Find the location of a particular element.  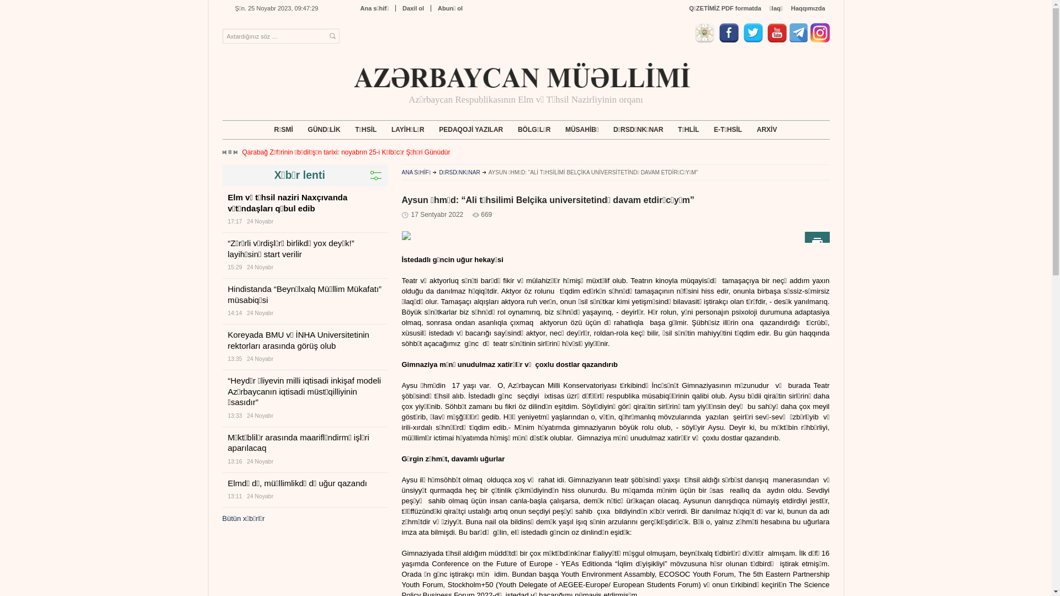

'Next' is located at coordinates (232, 152).